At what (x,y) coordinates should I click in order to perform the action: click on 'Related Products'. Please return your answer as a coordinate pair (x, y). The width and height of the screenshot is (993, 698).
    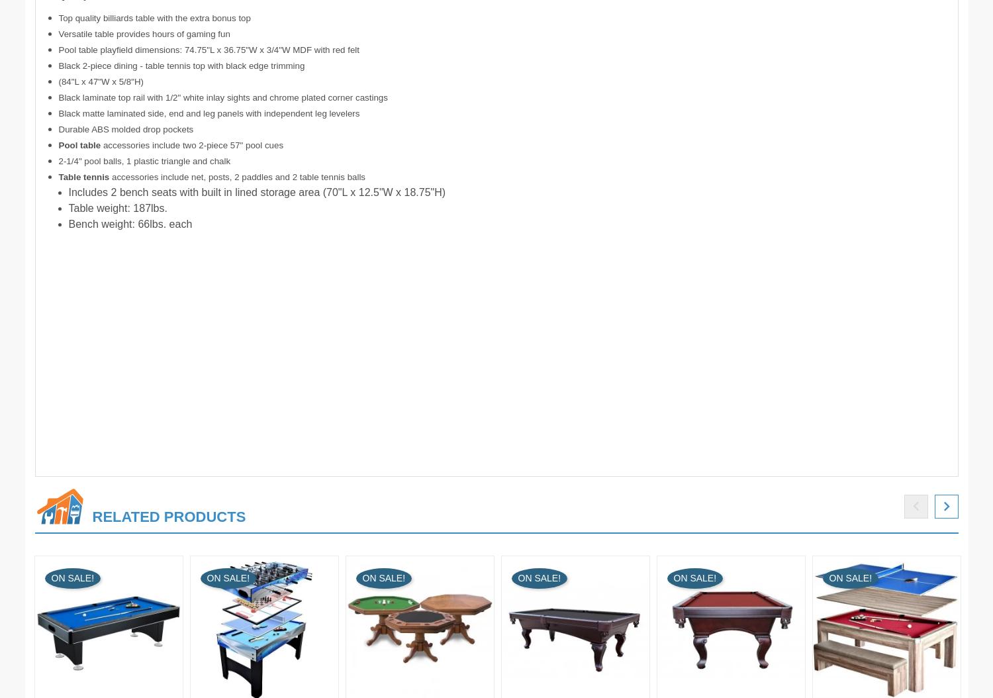
    Looking at the image, I should click on (169, 516).